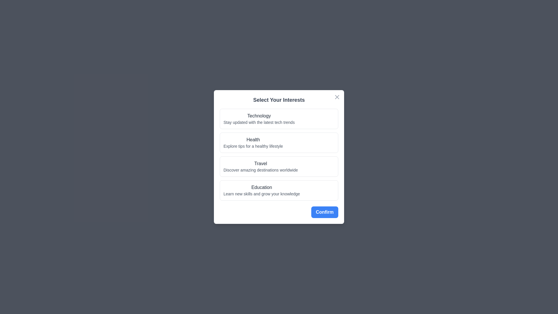  I want to click on close button located at the top-right corner of the dialog to dismiss it, so click(337, 97).